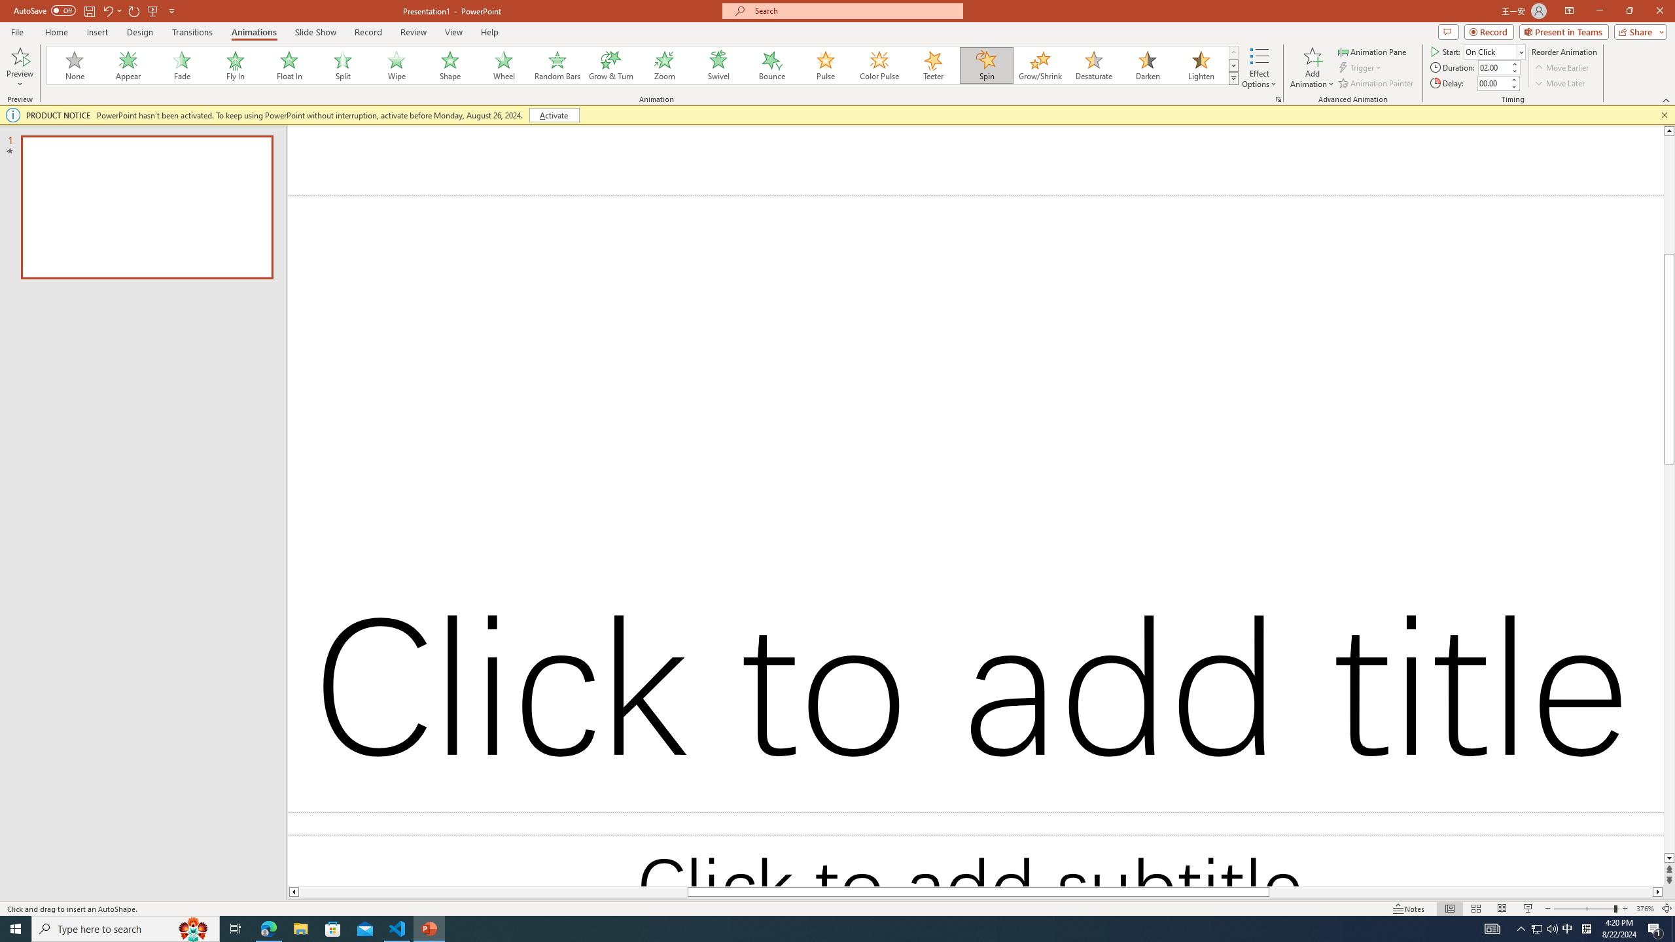 The image size is (1675, 942). I want to click on 'Preview', so click(19, 67).